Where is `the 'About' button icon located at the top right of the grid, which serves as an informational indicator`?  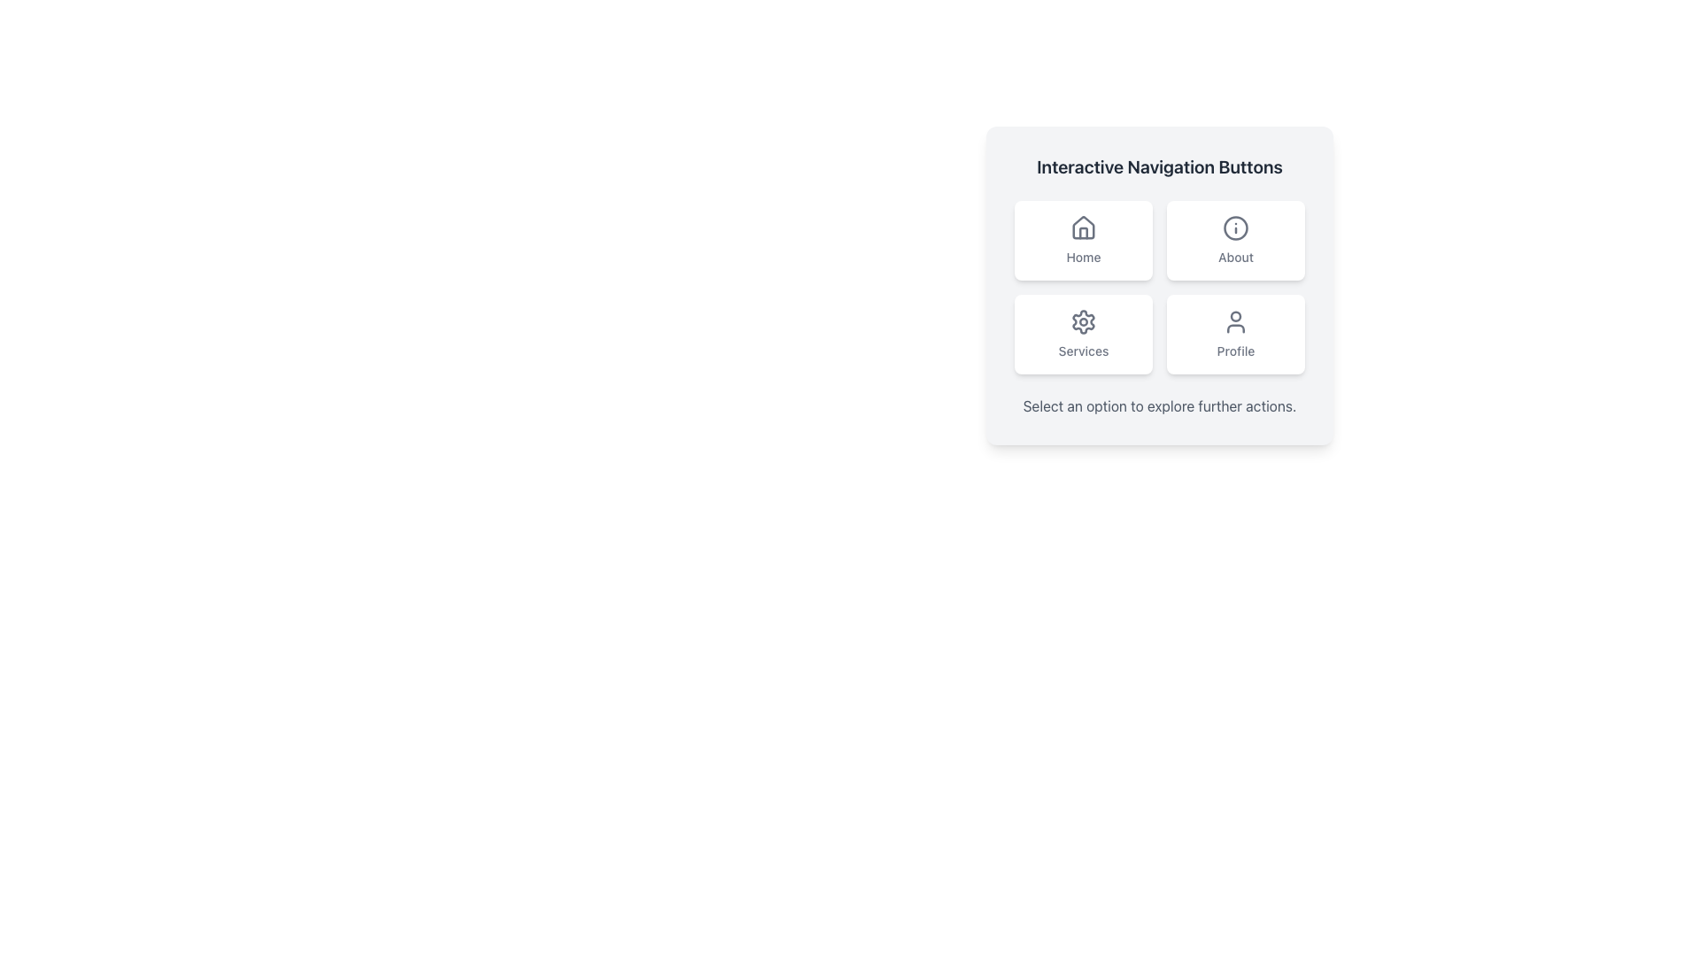 the 'About' button icon located at the top right of the grid, which serves as an informational indicator is located at coordinates (1235, 227).